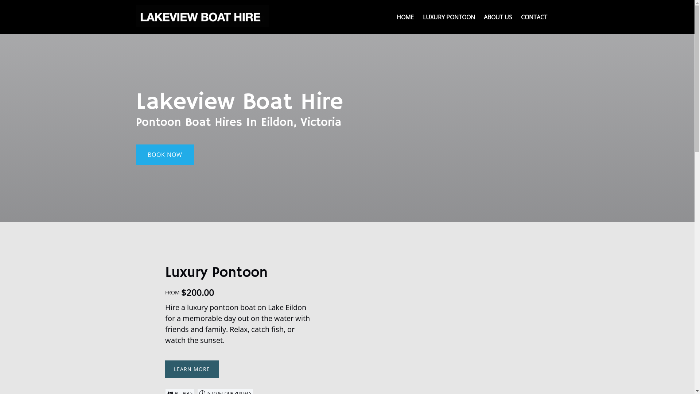 This screenshot has width=700, height=394. What do you see at coordinates (22, 8) in the screenshot?
I see `'Skip to footer'` at bounding box center [22, 8].